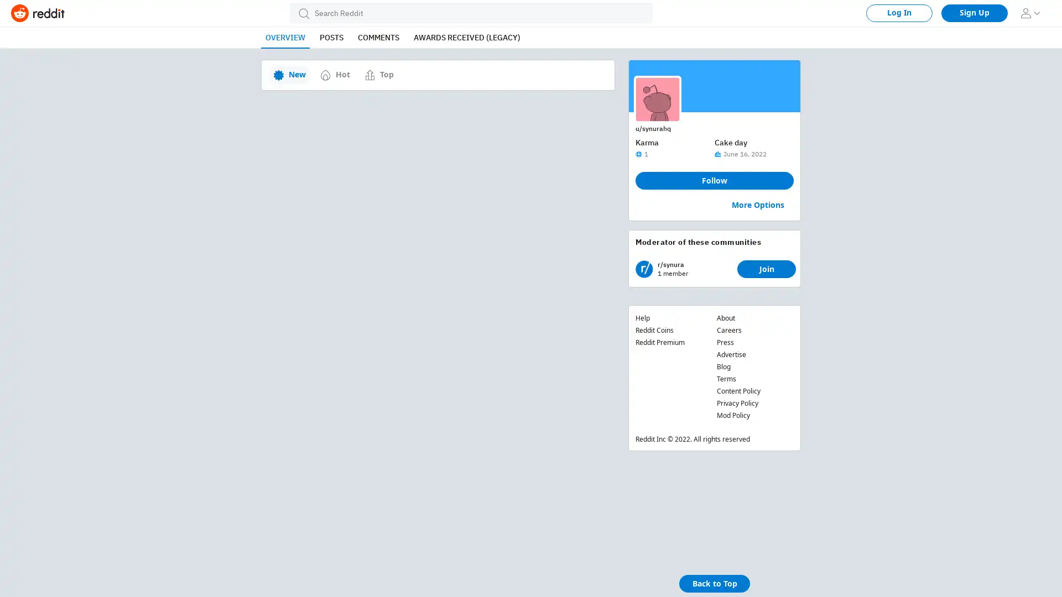  Describe the element at coordinates (757, 205) in the screenshot. I see `More Options` at that location.